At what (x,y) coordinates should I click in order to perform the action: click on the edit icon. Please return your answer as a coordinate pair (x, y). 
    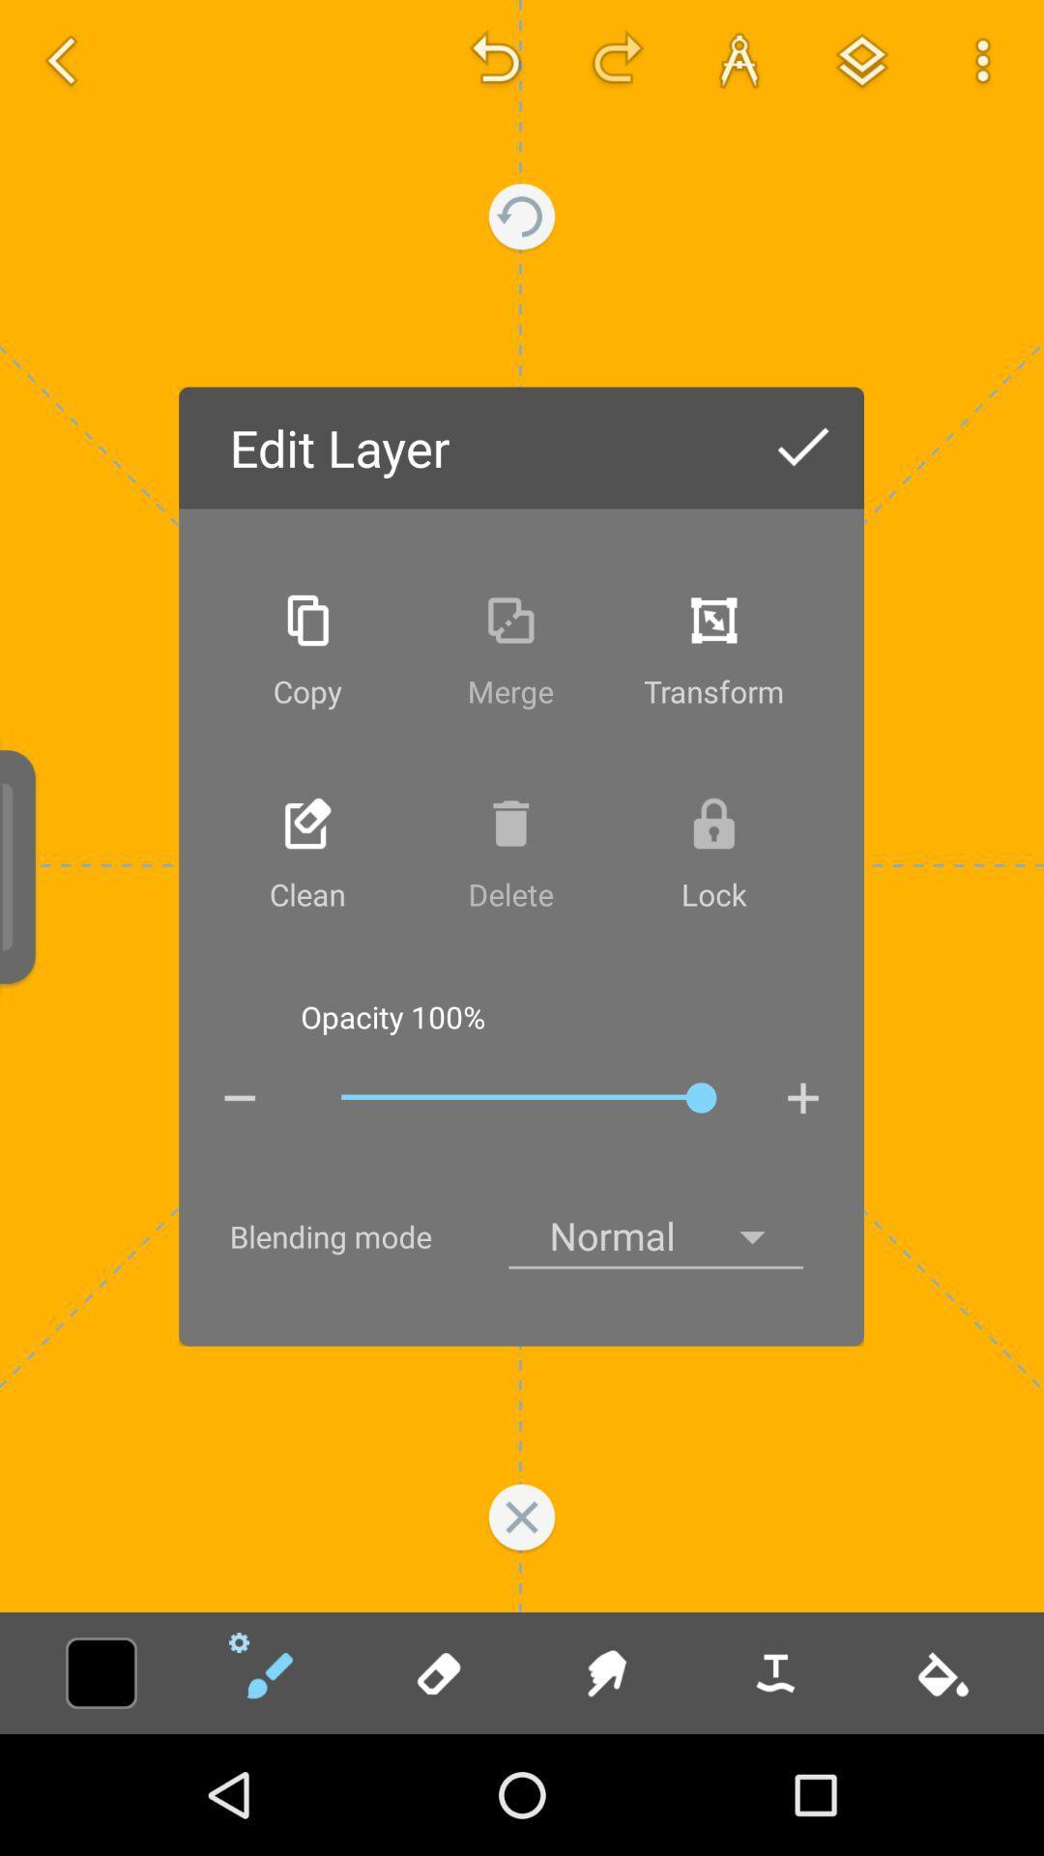
    Looking at the image, I should click on (269, 1672).